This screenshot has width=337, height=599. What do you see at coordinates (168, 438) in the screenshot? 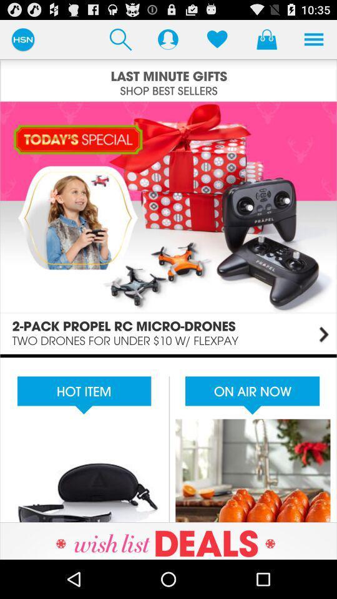
I see `clicks the hot items` at bounding box center [168, 438].